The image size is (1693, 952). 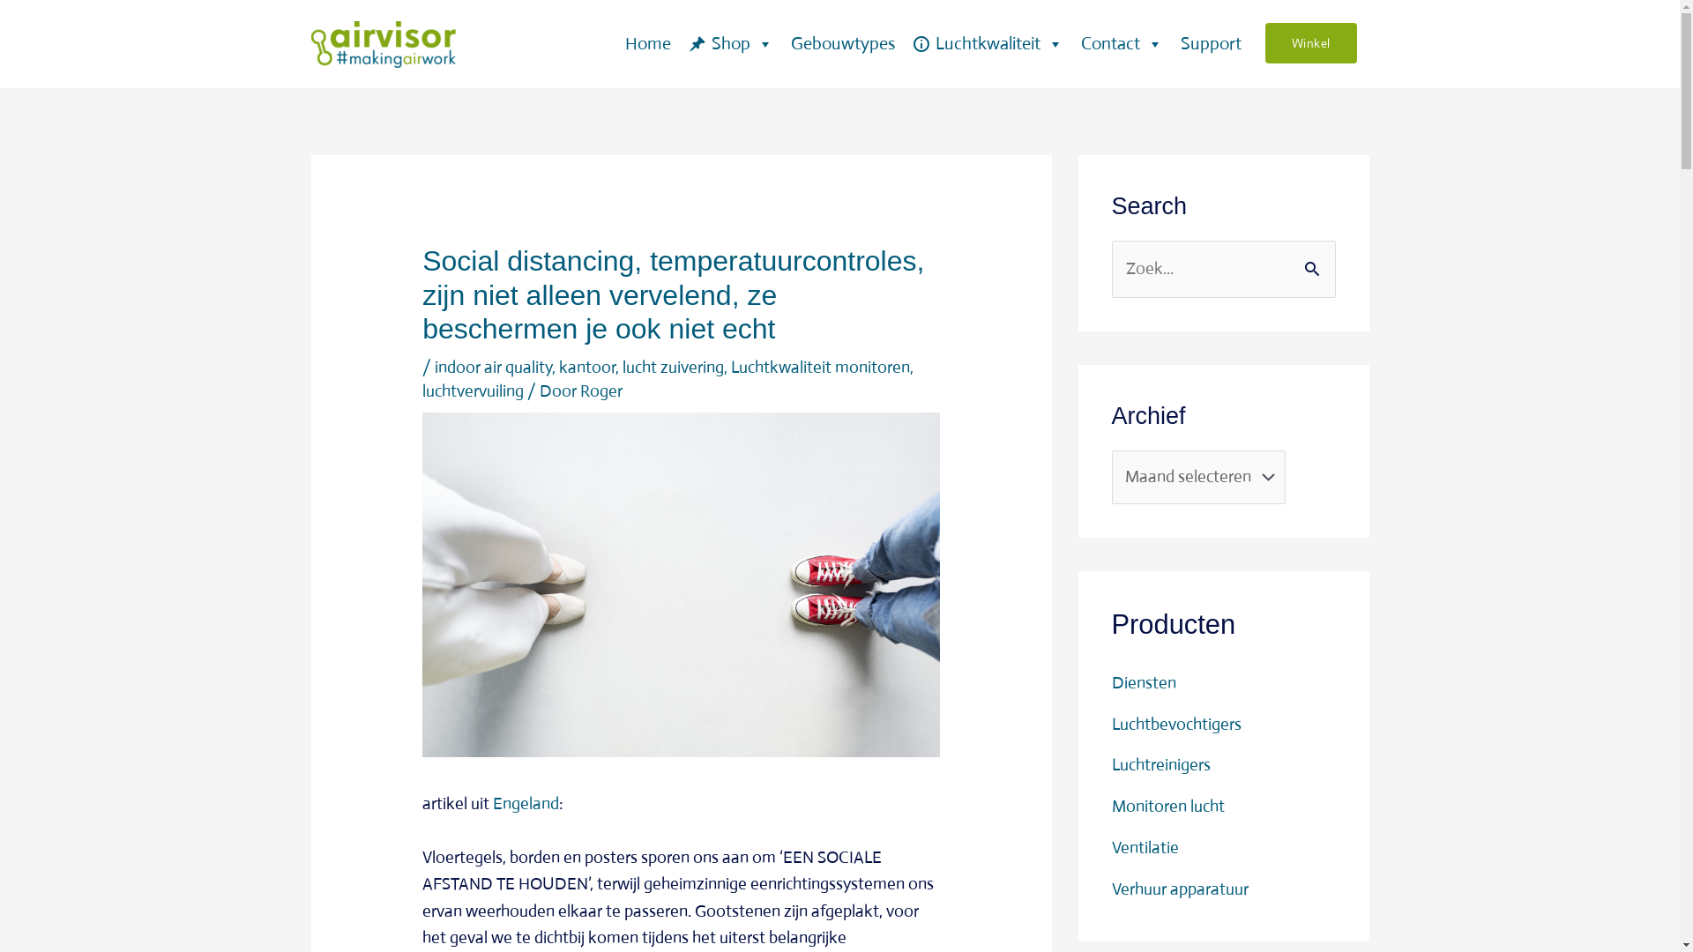 What do you see at coordinates (1179, 889) in the screenshot?
I see `'Verhuur apparatuur'` at bounding box center [1179, 889].